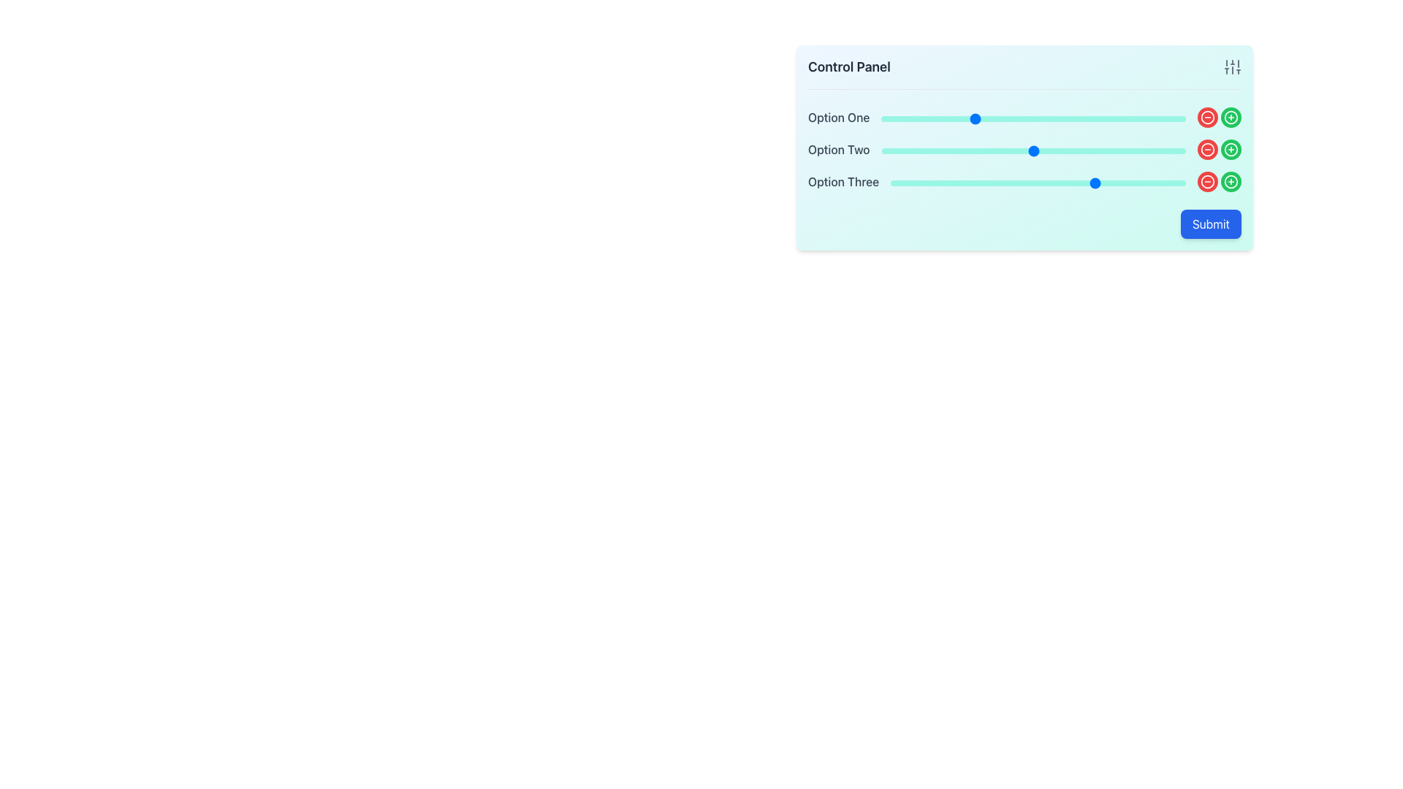  I want to click on the slider value, so click(1014, 182).